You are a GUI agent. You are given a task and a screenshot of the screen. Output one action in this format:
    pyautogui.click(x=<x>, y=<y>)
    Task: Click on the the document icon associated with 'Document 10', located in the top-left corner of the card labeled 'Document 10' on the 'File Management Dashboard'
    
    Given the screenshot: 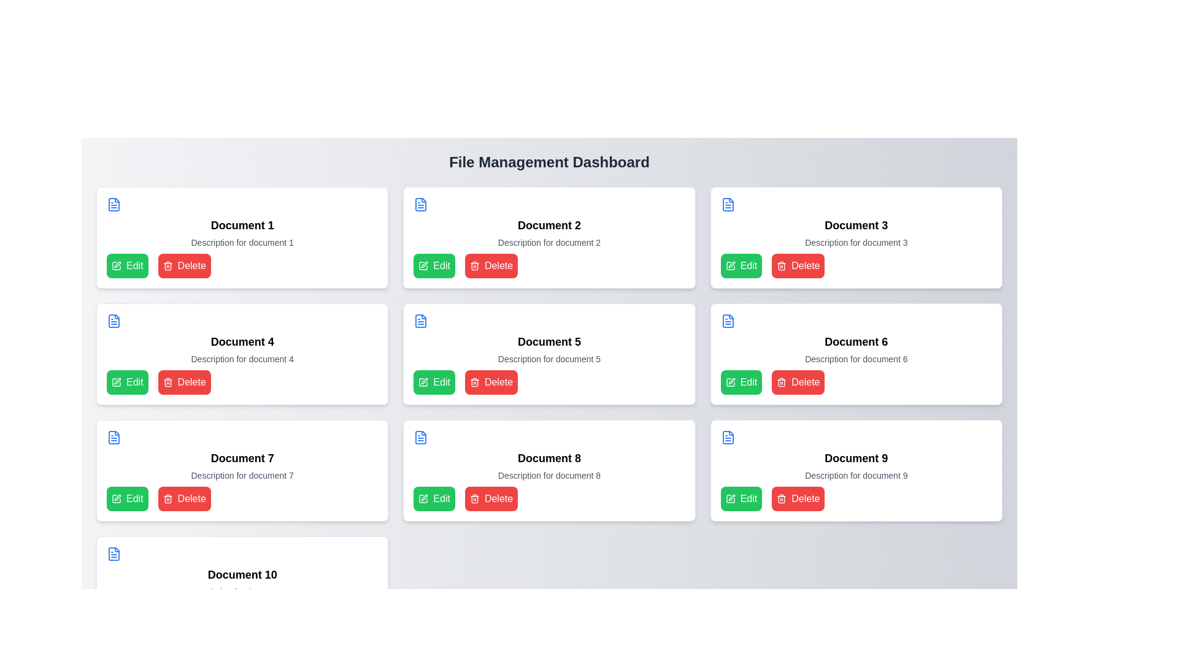 What is the action you would take?
    pyautogui.click(x=114, y=554)
    